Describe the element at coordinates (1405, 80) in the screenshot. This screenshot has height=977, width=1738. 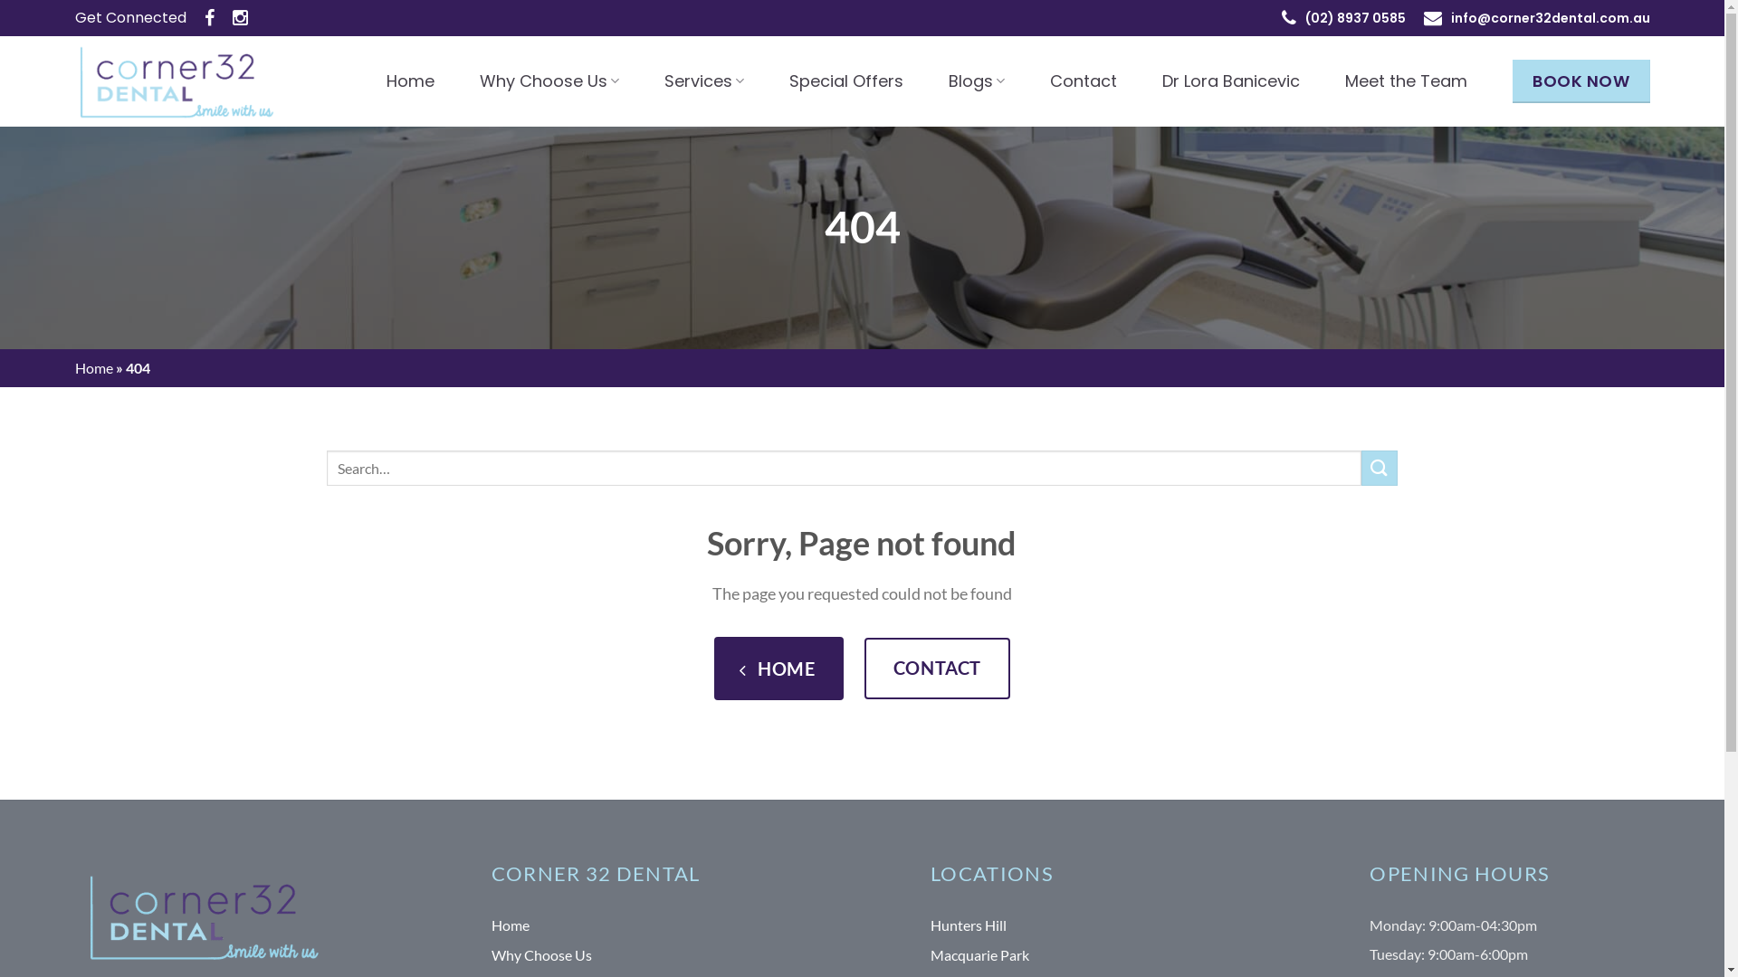
I see `'Meet the Team'` at that location.